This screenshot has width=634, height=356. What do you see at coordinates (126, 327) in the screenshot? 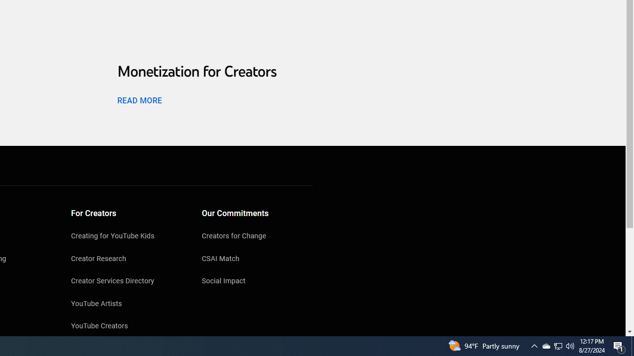
I see `'YouTube Creators'` at bounding box center [126, 327].